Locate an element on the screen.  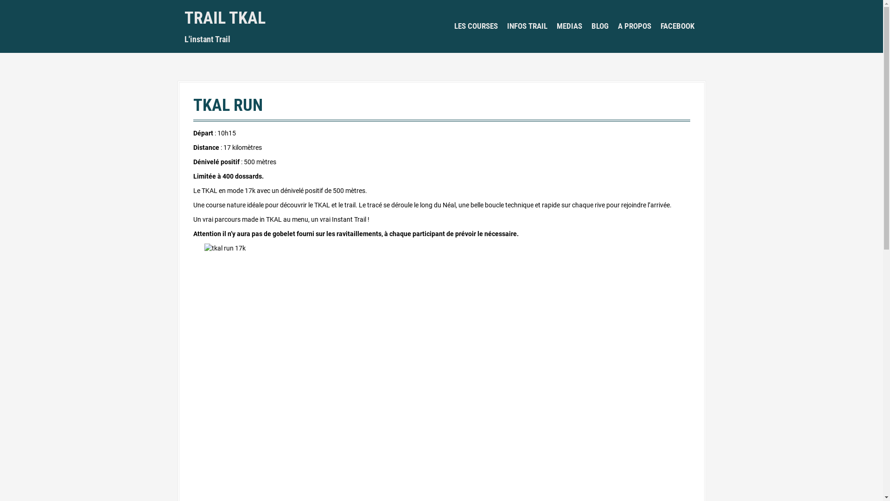
'TRAIL TKAL' is located at coordinates (225, 18).